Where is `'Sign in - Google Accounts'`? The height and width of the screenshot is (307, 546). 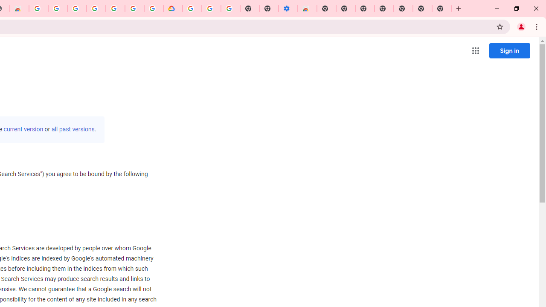
'Sign in - Google Accounts' is located at coordinates (77, 9).